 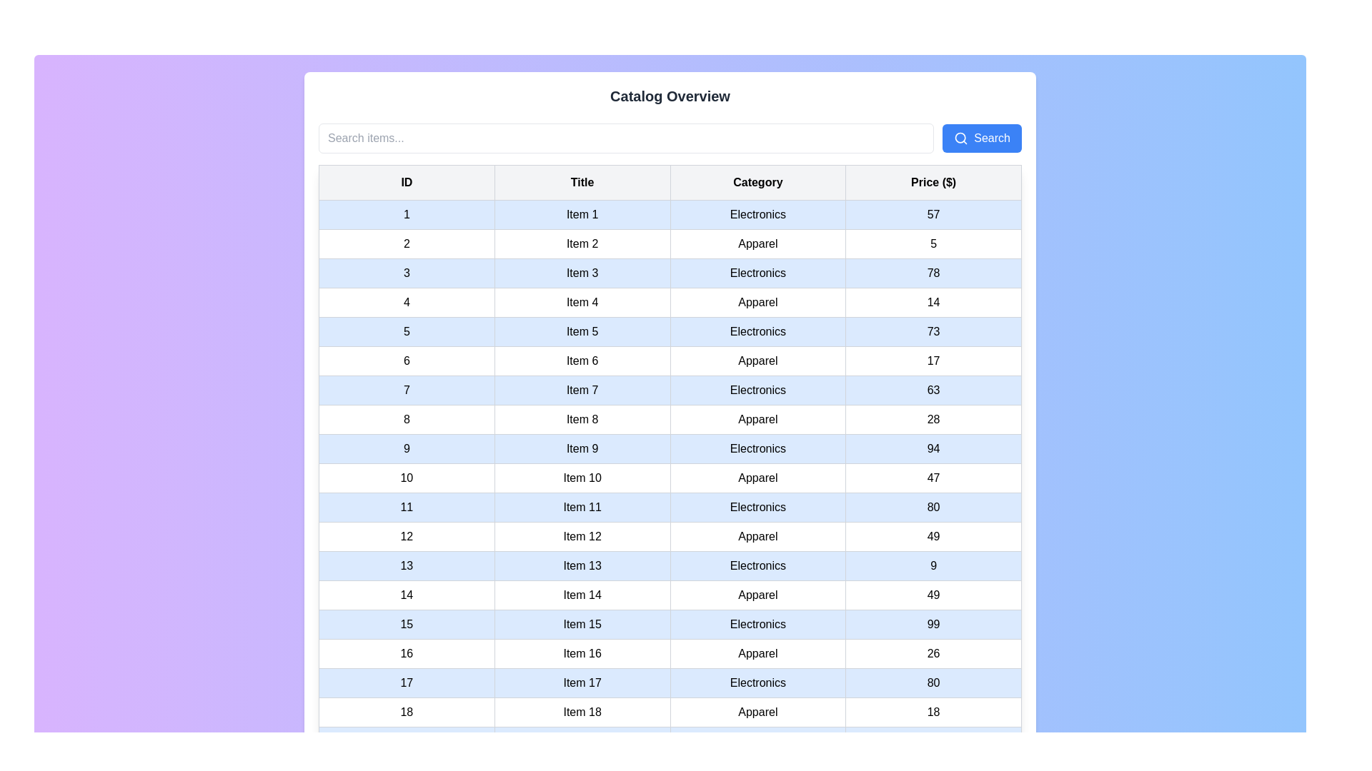 What do you see at coordinates (406, 332) in the screenshot?
I see `the static text cell displaying the identifier '5' located in the first column of the fifth row within the table` at bounding box center [406, 332].